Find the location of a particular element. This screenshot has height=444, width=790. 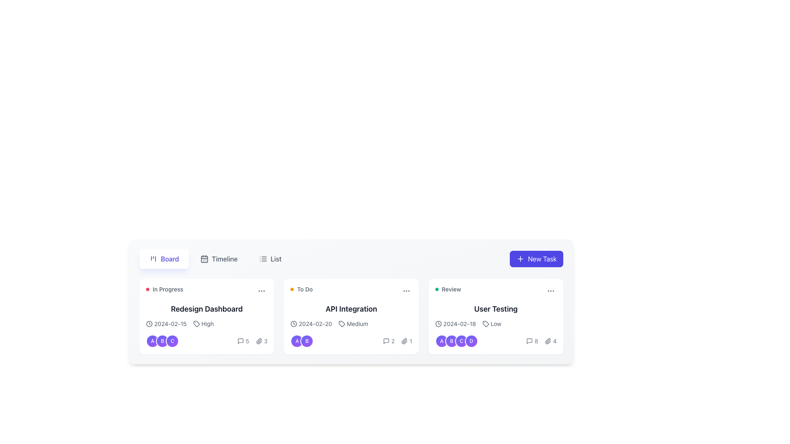

the 'Low' priority level label with an icon located in the 'User Testing' card under the 'Review' column, positioned below the date '2024-02-18' and above the user icons is located at coordinates (492, 323).